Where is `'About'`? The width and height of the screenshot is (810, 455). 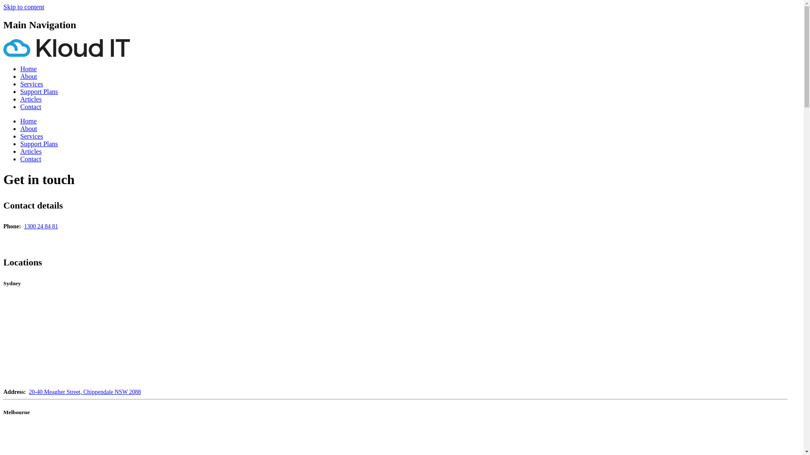 'About' is located at coordinates (20, 128).